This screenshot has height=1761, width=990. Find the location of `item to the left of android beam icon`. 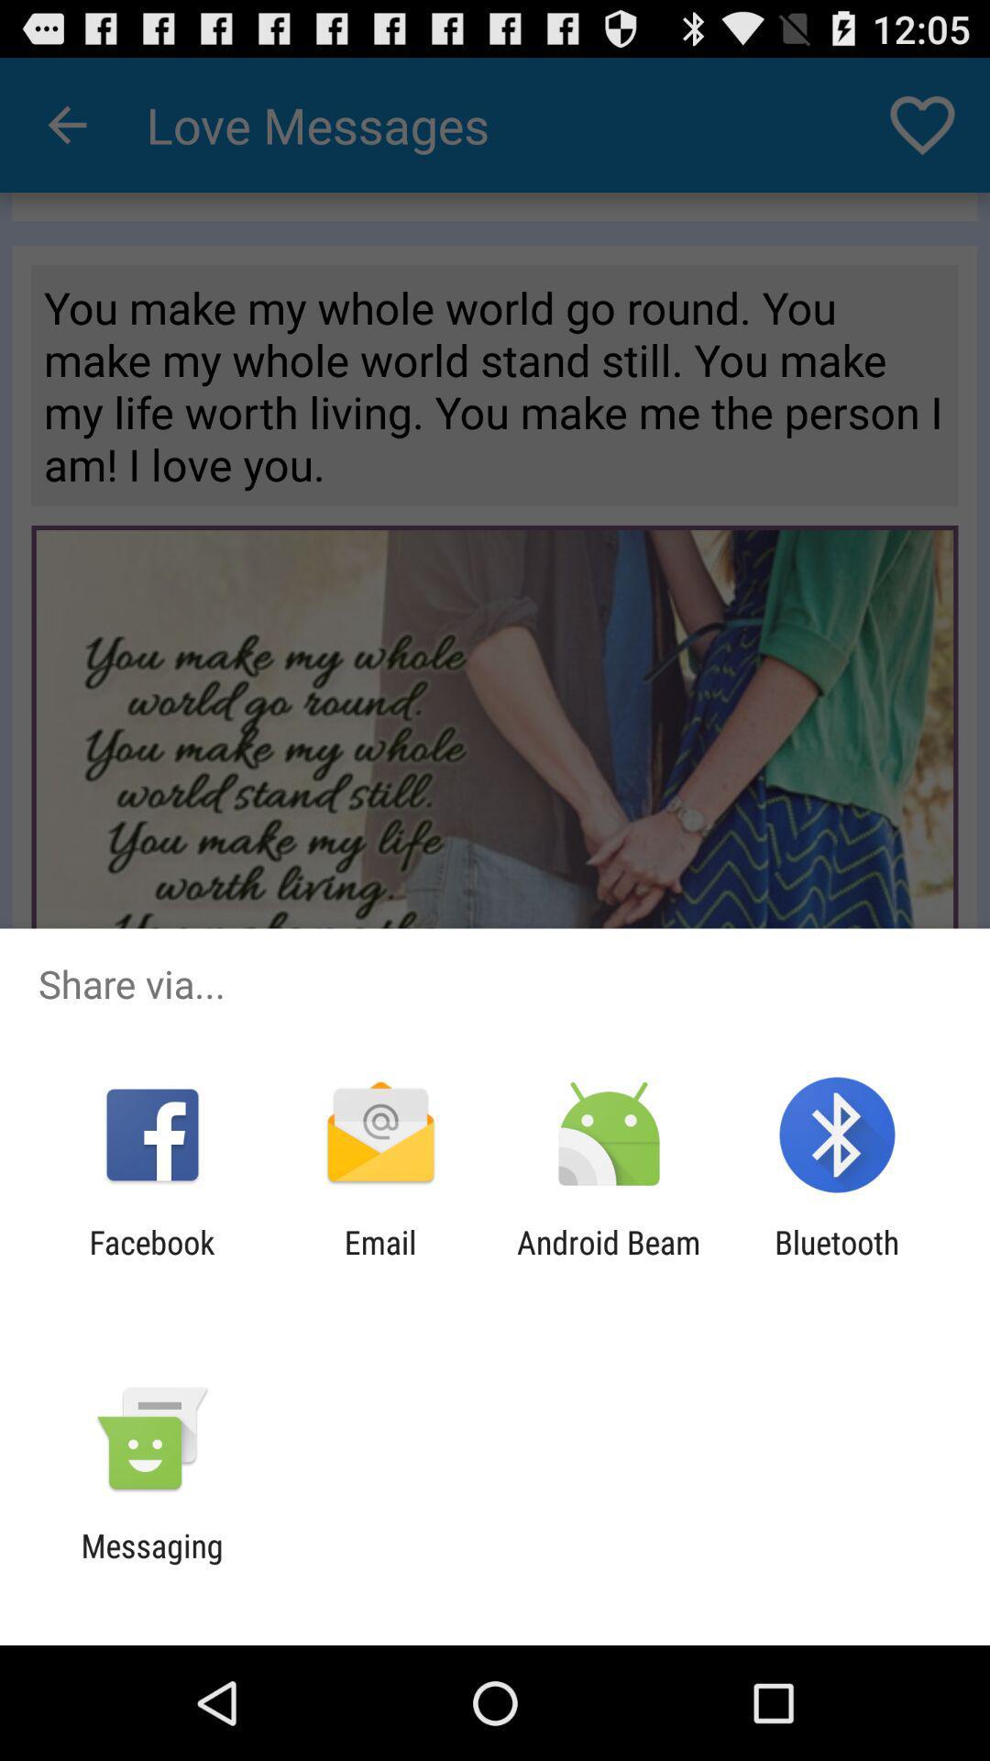

item to the left of android beam icon is located at coordinates (379, 1260).